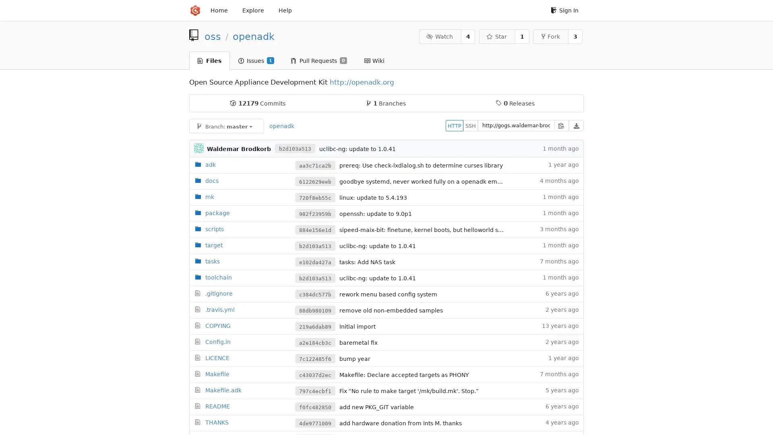 This screenshot has width=773, height=435. Describe the element at coordinates (471, 125) in the screenshot. I see `SSH` at that location.